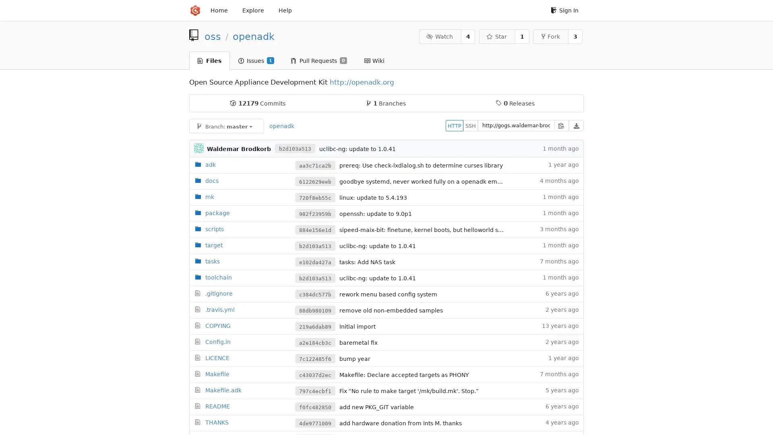 This screenshot has width=773, height=435. Describe the element at coordinates (471, 125) in the screenshot. I see `SSH` at that location.